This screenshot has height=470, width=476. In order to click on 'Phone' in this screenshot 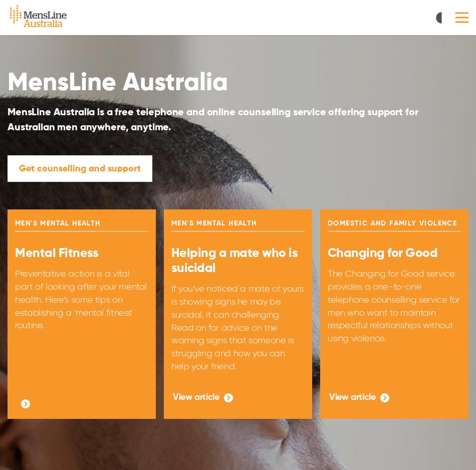, I will do `click(170, 198)`.